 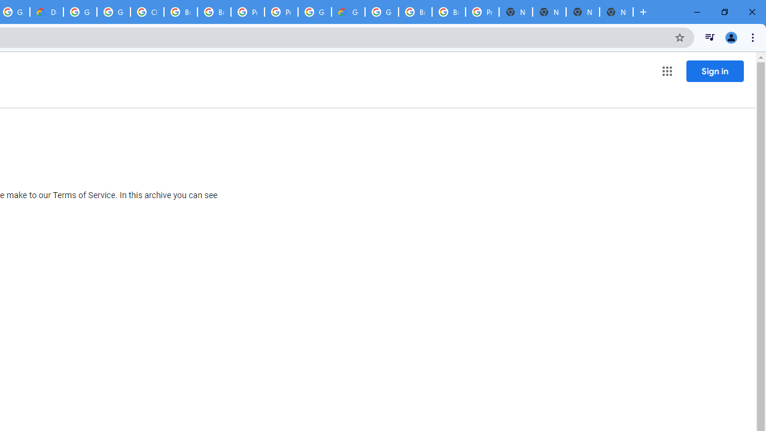 What do you see at coordinates (616, 12) in the screenshot?
I see `'New Tab'` at bounding box center [616, 12].